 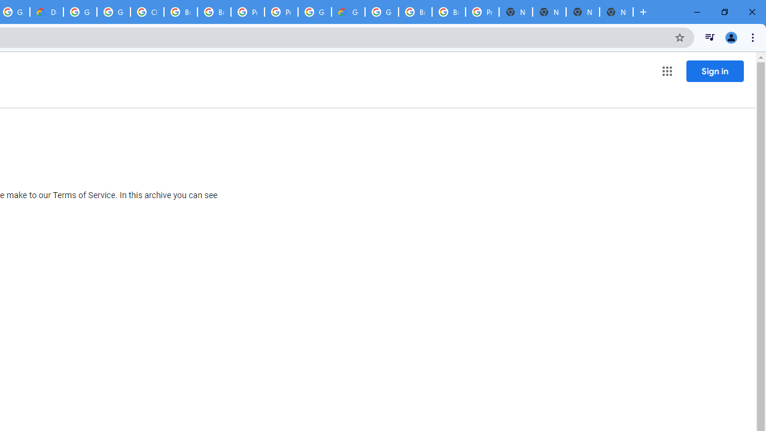 What do you see at coordinates (616, 12) in the screenshot?
I see `'New Tab'` at bounding box center [616, 12].